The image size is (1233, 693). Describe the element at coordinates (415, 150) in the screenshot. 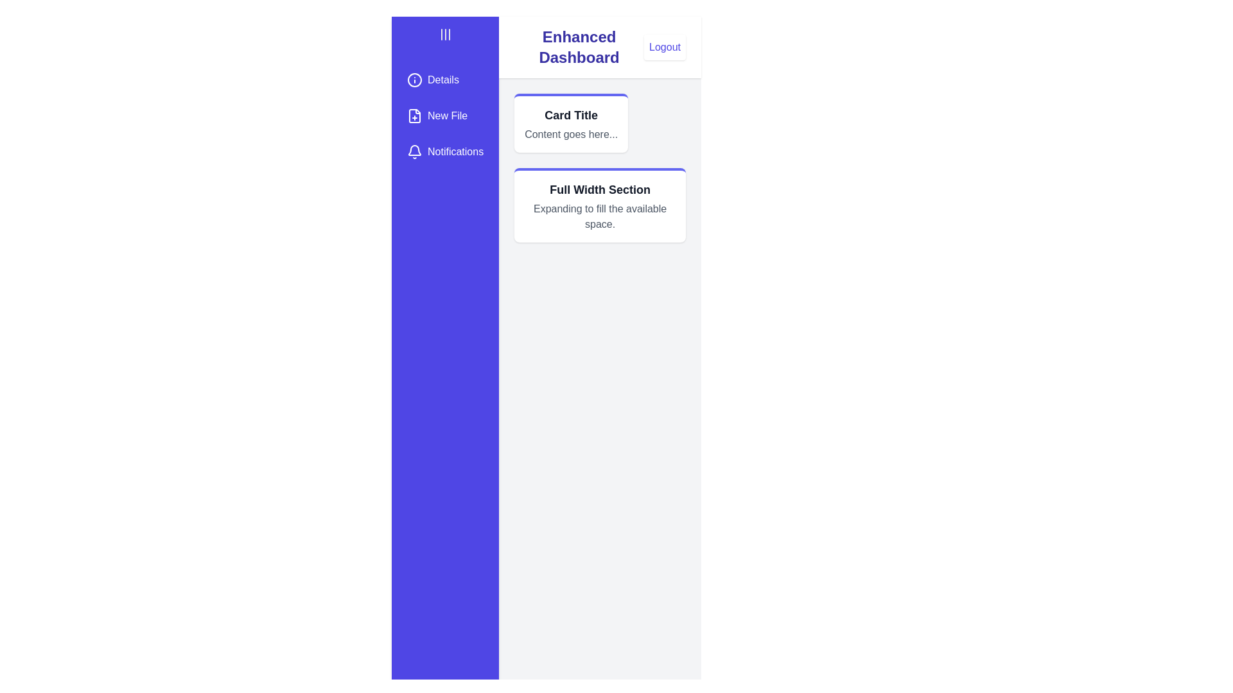

I see `the bell icon for notifications located in the sidebar below the 'New File' icon` at that location.